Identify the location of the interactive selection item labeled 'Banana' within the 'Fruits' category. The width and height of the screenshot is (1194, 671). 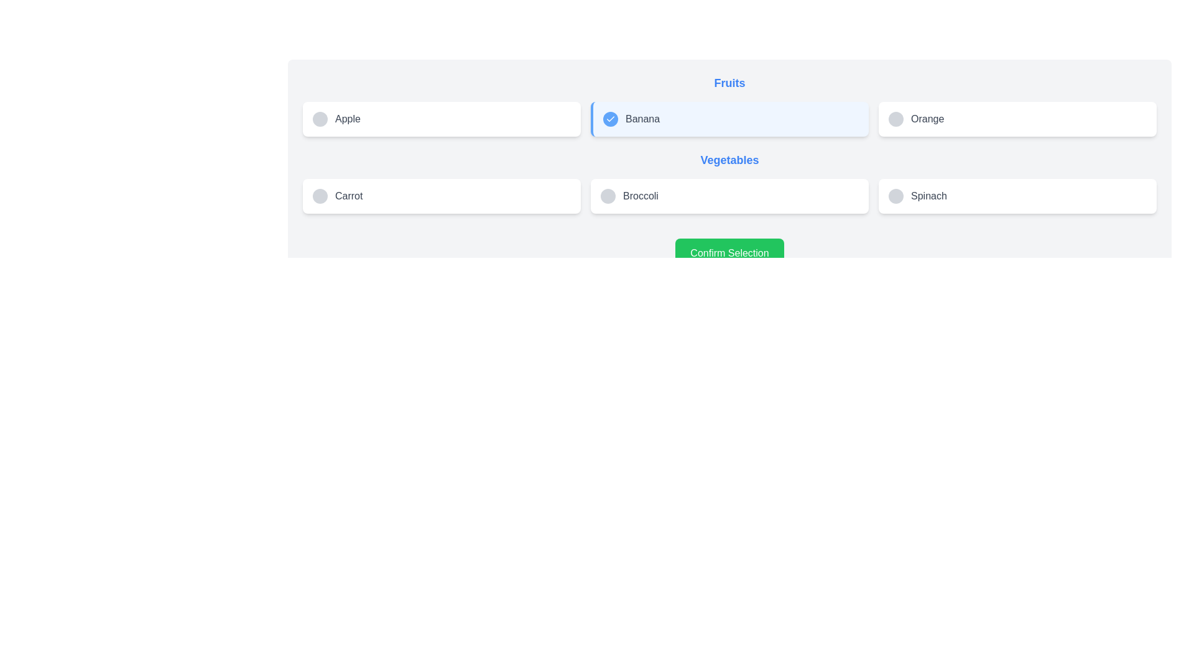
(729, 119).